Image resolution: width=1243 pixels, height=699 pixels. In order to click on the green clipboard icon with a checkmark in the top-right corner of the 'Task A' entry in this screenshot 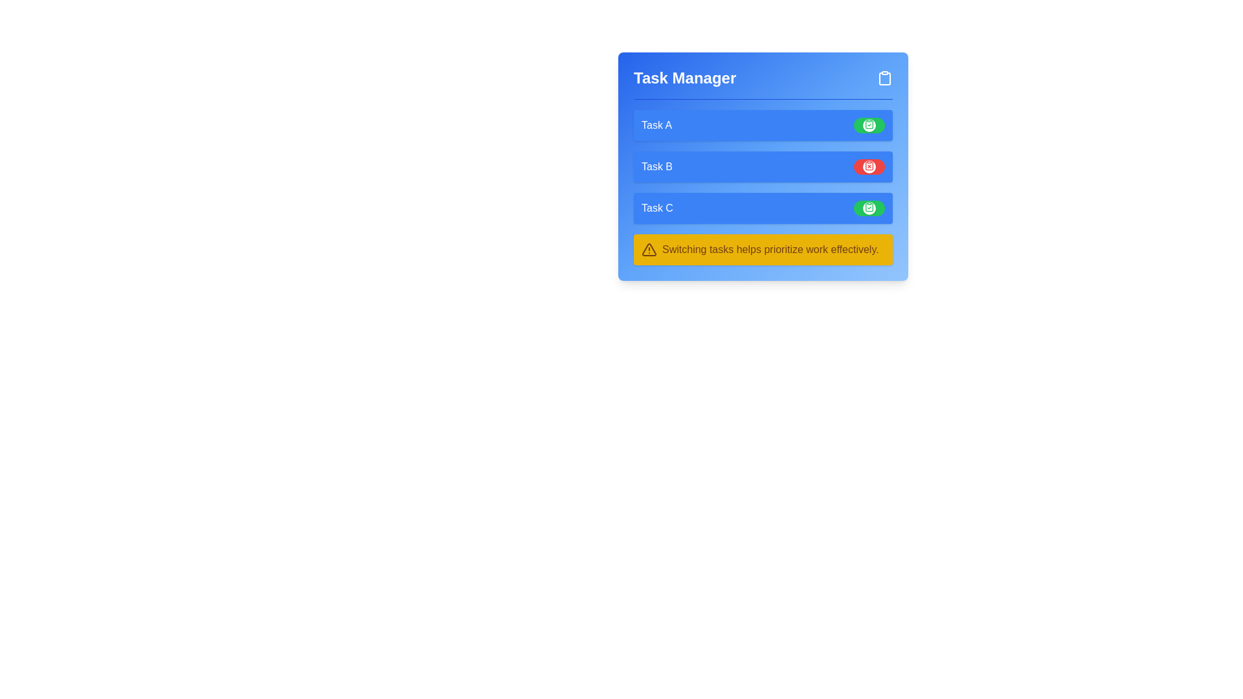, I will do `click(869, 124)`.